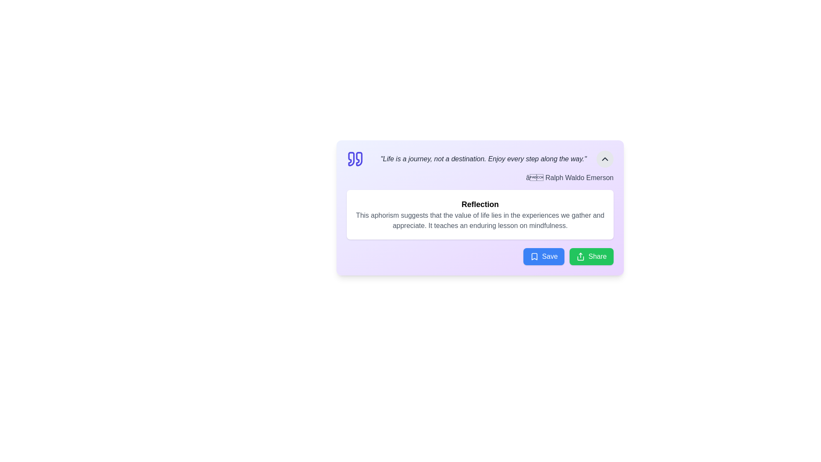  I want to click on the 'Save' button located at the bottom-right corner of the card layout, so click(543, 256).